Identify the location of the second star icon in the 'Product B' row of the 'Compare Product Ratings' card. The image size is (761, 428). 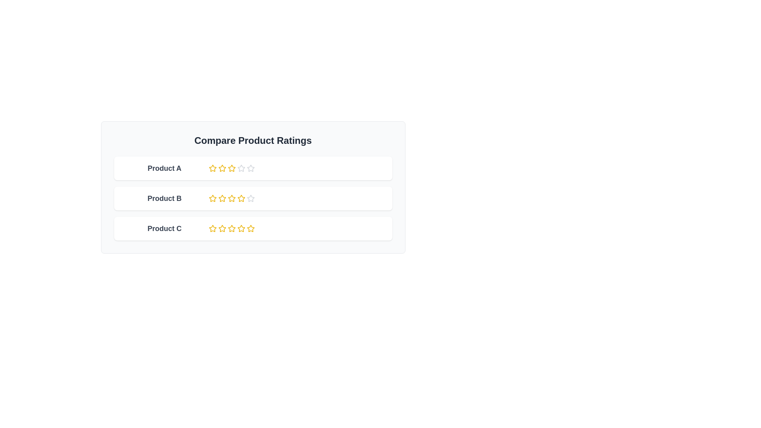
(222, 198).